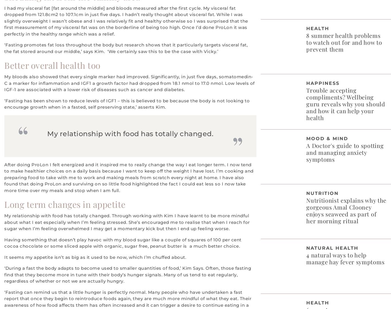 The image size is (391, 309). I want to click on 'I had my visceral fat [fat around the middle] and bloods measured after the first cycle. My visceral fat dropped from 121.8cm2 to 107.1cm in just five days. I hadn’t really thought about visceral fat. While I was slightly overweight I wasn’t obese and I was relatively fit and healthy otherwise so I was surprised that the first measurement of my visceral fat was on the borderline of being too high. Once I’d done ProLon it was perfectly in the healthy range which was a relief.', so click(4, 21).